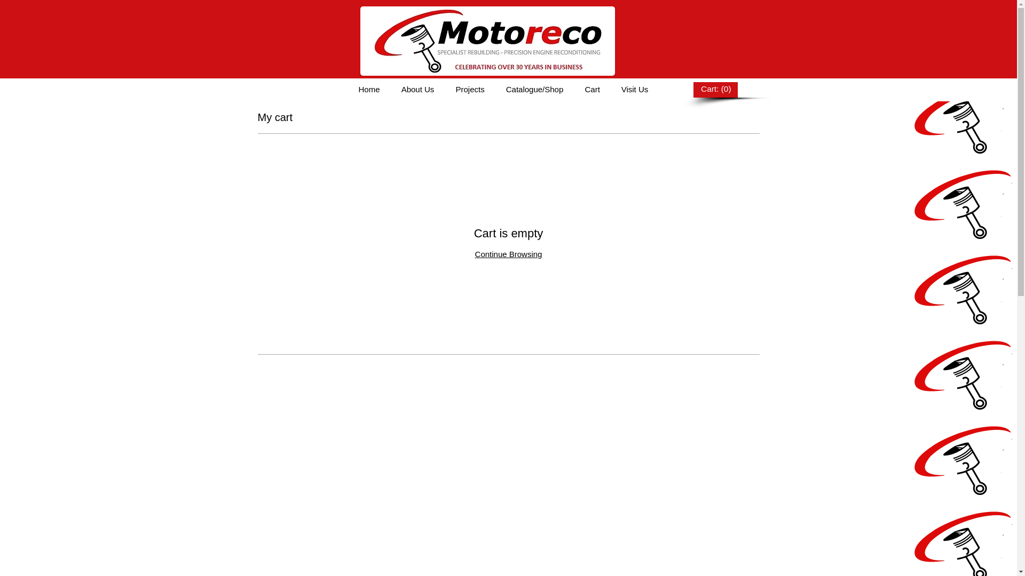 Image resolution: width=1025 pixels, height=576 pixels. I want to click on 'Cart', so click(573, 89).